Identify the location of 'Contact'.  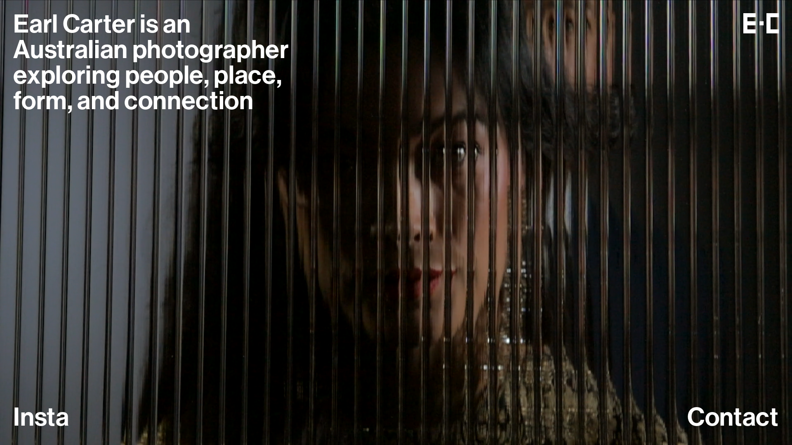
(733, 419).